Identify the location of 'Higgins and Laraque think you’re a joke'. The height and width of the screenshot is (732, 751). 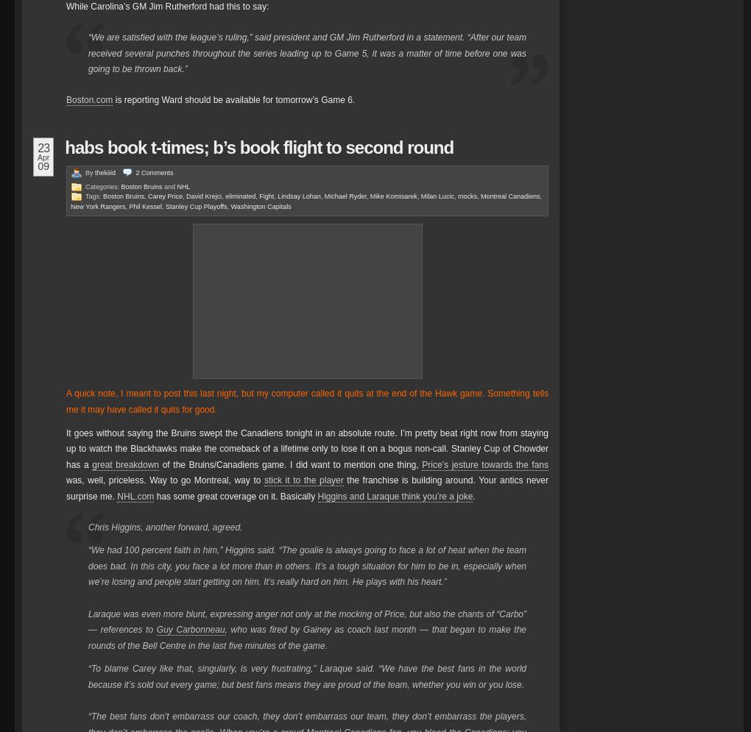
(394, 496).